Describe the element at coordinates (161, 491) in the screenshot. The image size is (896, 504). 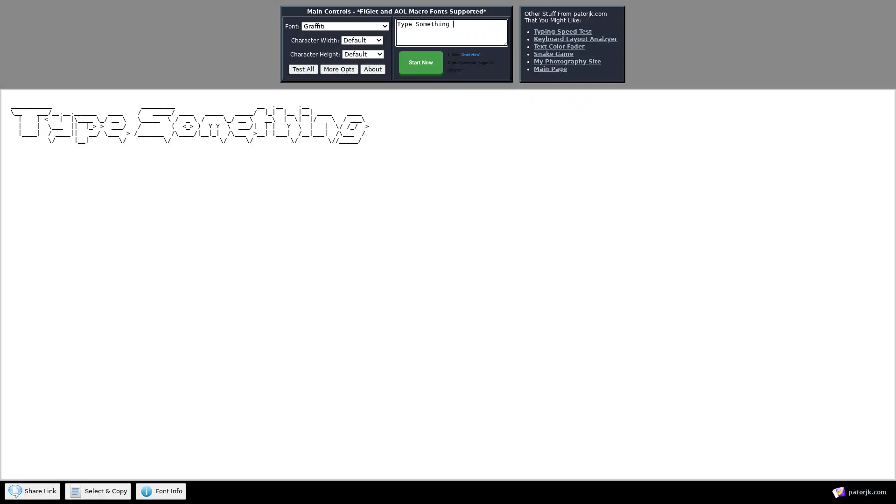
I see `Font Info` at that location.